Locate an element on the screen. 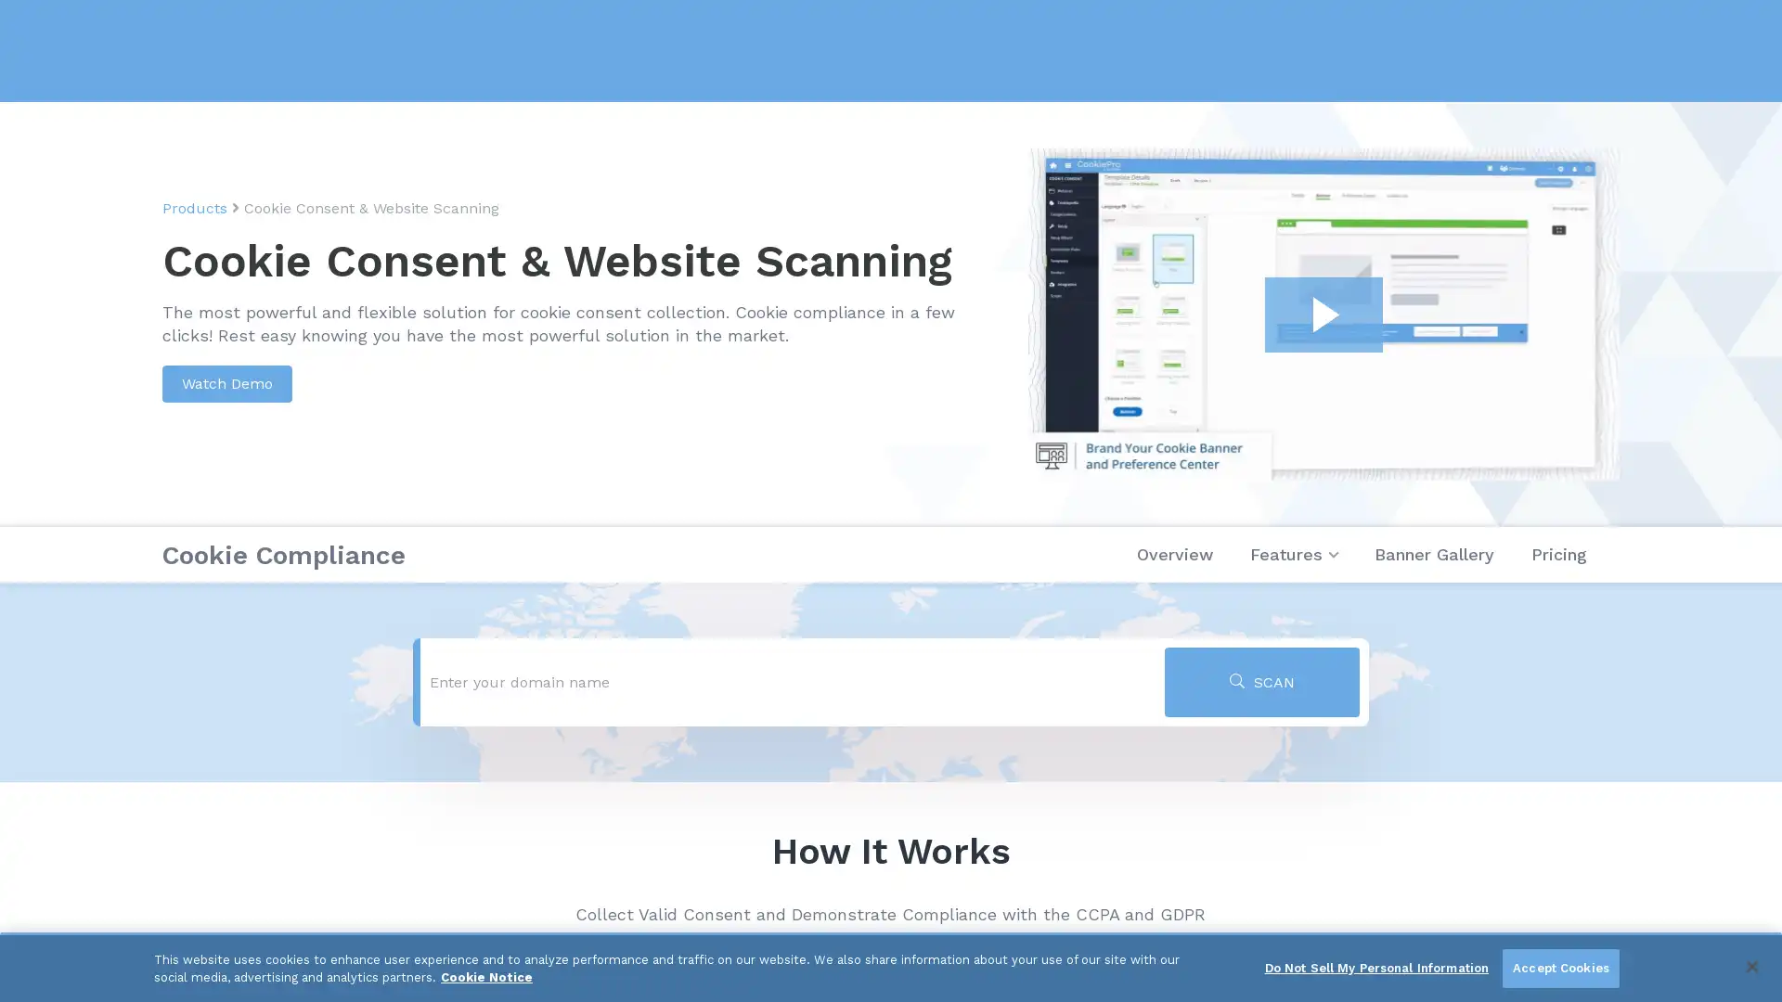 This screenshot has width=1782, height=1002. USCAN is located at coordinates (1261, 682).